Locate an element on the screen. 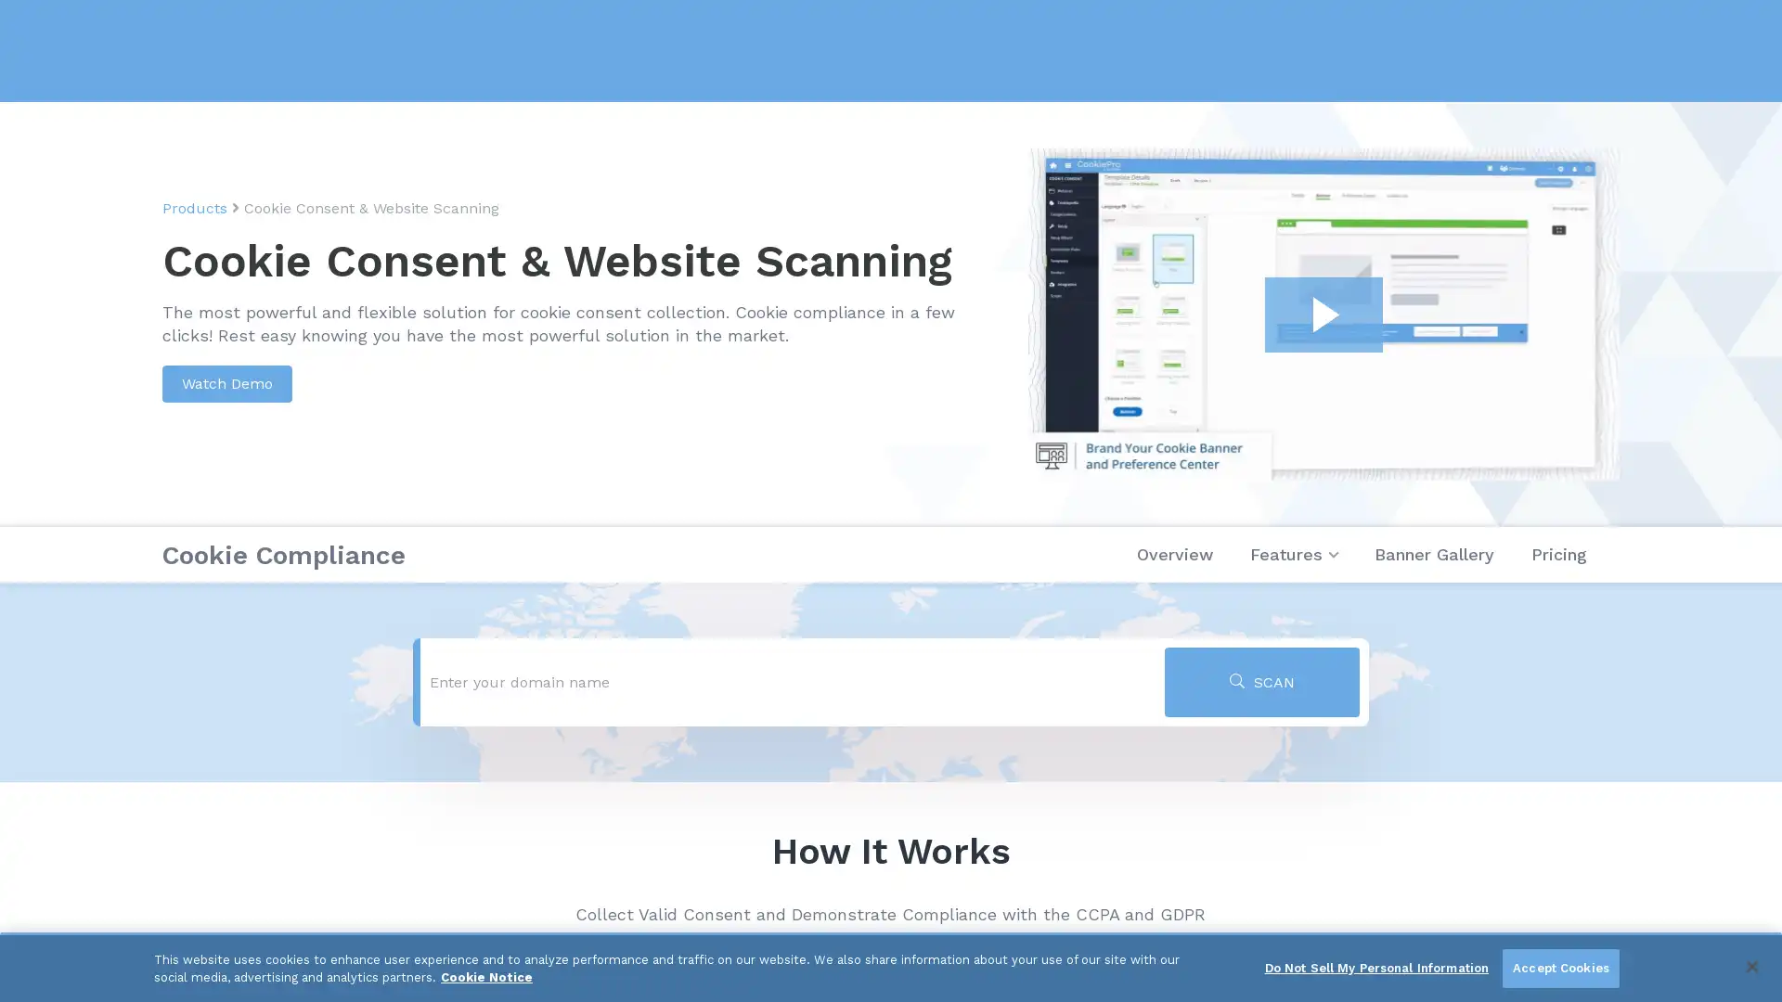 This screenshot has width=1782, height=1002. USCAN is located at coordinates (1261, 682).